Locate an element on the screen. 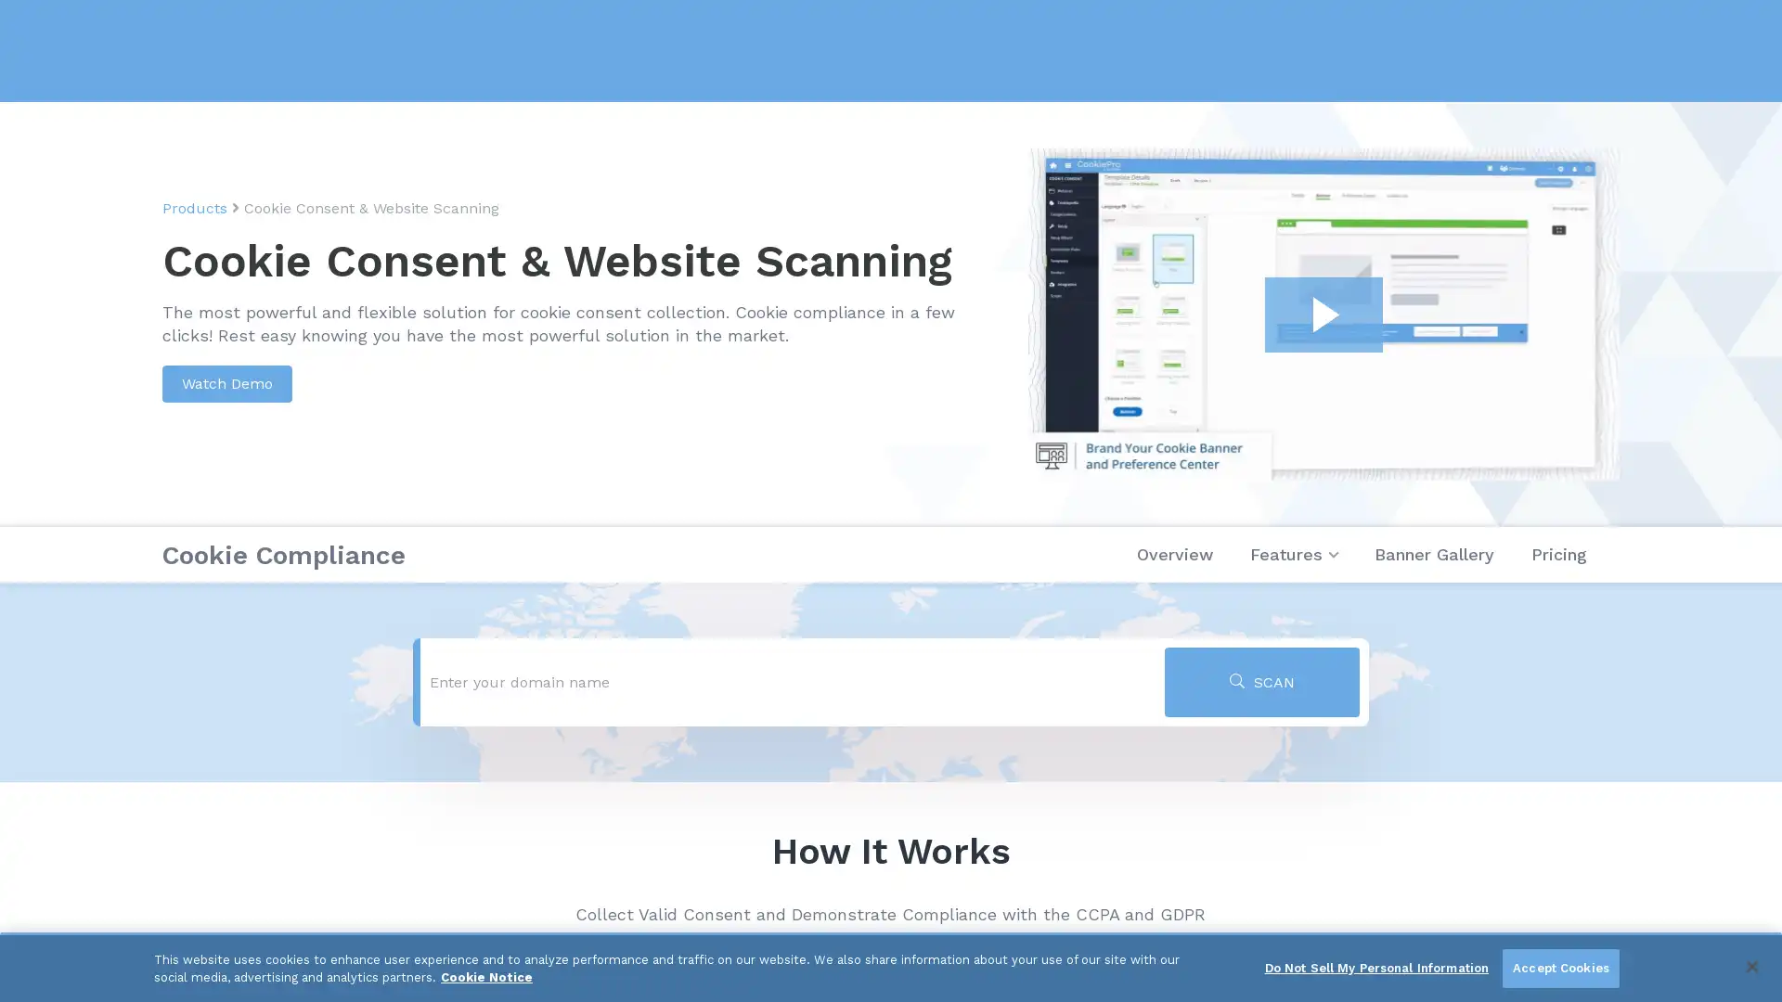 This screenshot has width=1782, height=1002. USCAN is located at coordinates (1261, 682).